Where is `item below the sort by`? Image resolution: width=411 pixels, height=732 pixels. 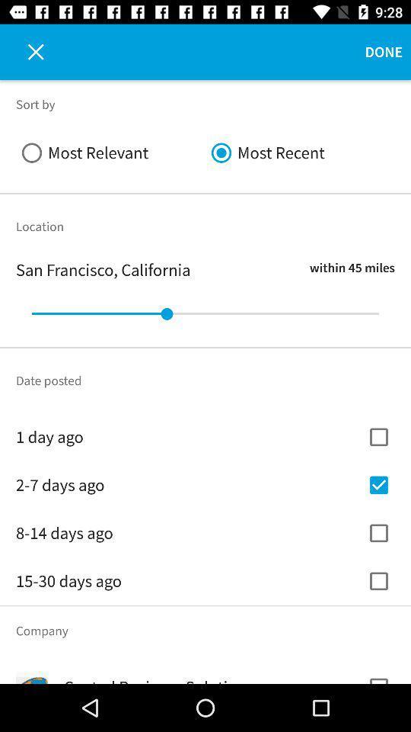 item below the sort by is located at coordinates (110, 152).